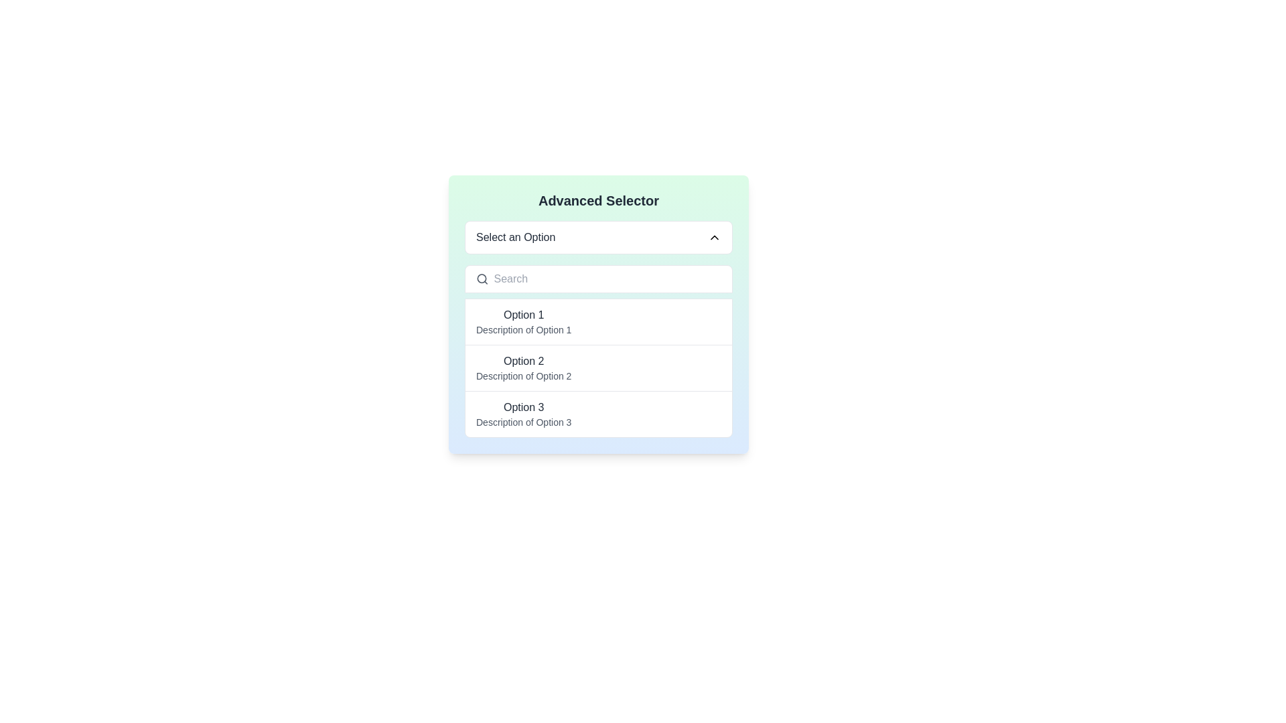 The height and width of the screenshot is (723, 1286). What do you see at coordinates (523, 376) in the screenshot?
I see `the text label displaying 'Description of Option 2', which is styled in gray color and located below 'Option 2' in the dropdown menu` at bounding box center [523, 376].